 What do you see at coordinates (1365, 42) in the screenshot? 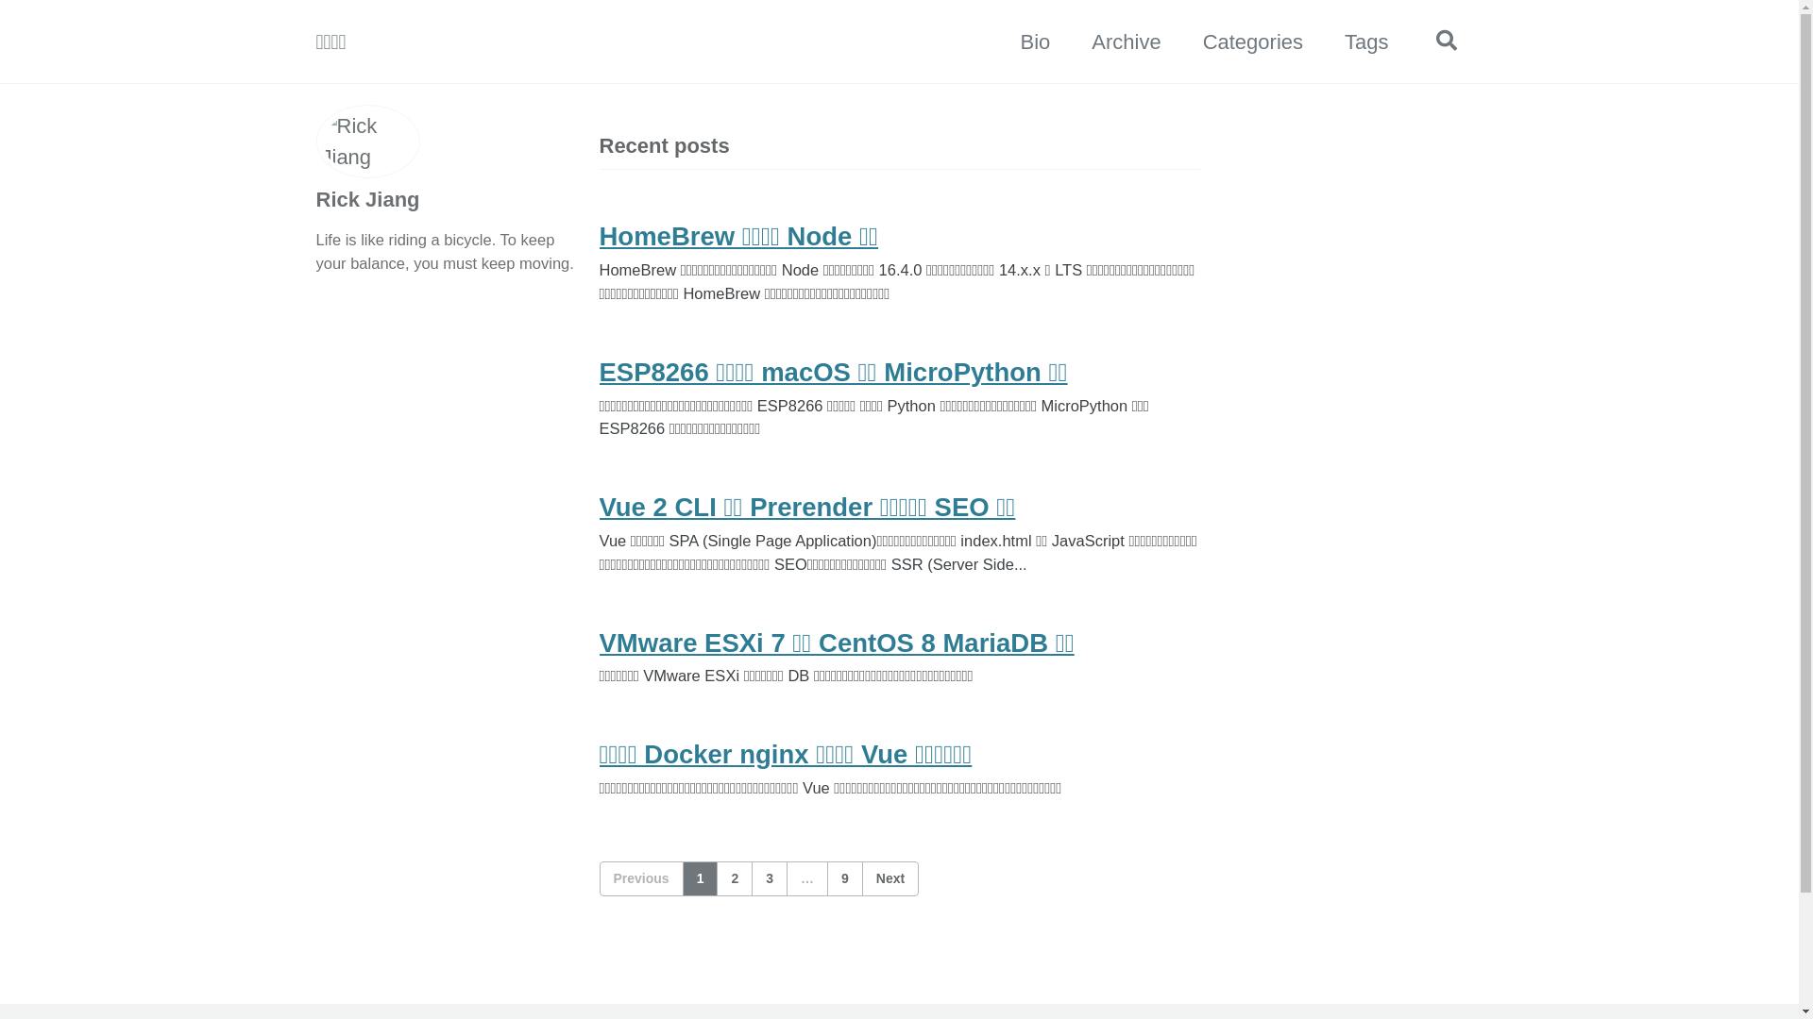
I see `'Tags'` at bounding box center [1365, 42].